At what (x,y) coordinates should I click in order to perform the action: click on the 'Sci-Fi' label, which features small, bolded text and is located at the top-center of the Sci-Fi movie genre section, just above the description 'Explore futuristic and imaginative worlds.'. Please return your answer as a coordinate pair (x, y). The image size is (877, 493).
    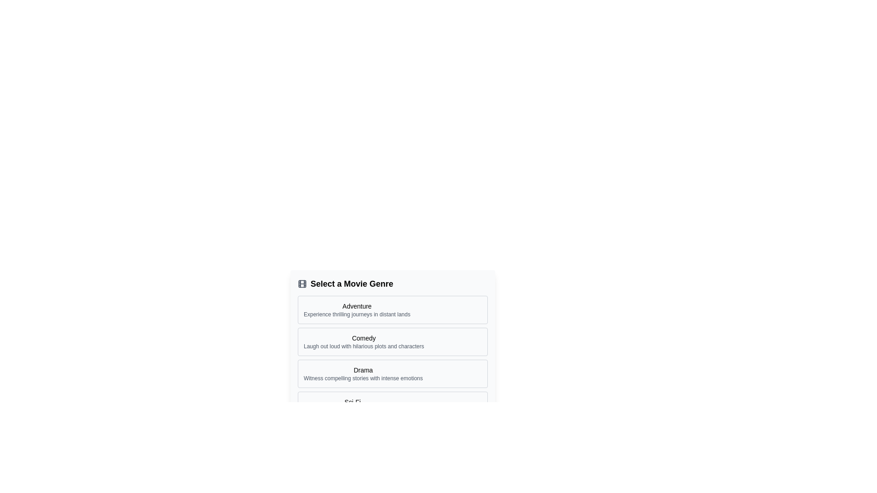
    Looking at the image, I should click on (352, 401).